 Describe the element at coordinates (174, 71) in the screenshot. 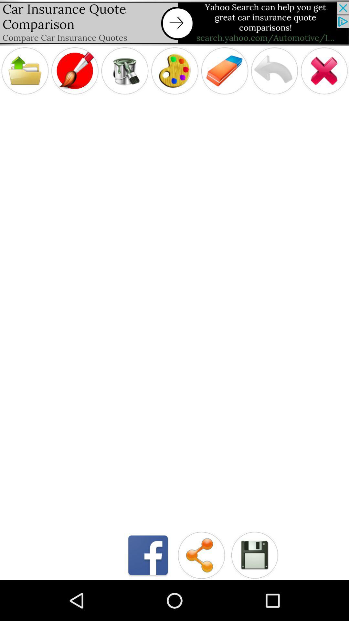

I see `paint` at that location.